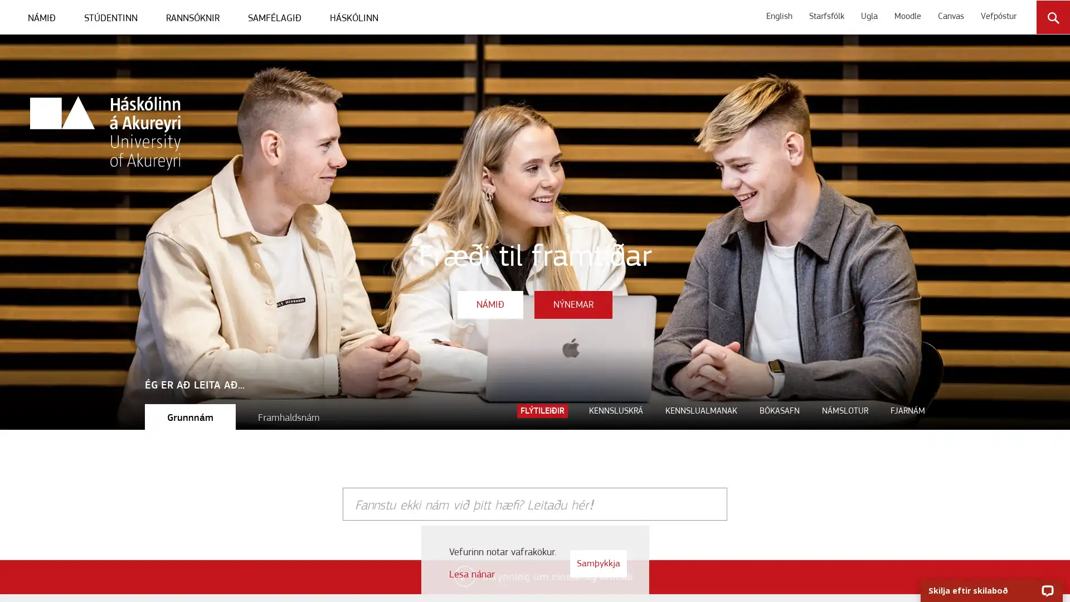 The width and height of the screenshot is (1070, 602). I want to click on Leita, so click(764, 91).